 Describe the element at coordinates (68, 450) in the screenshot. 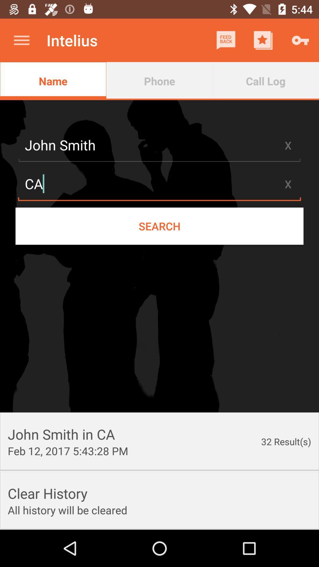

I see `the item above clear history app` at that location.